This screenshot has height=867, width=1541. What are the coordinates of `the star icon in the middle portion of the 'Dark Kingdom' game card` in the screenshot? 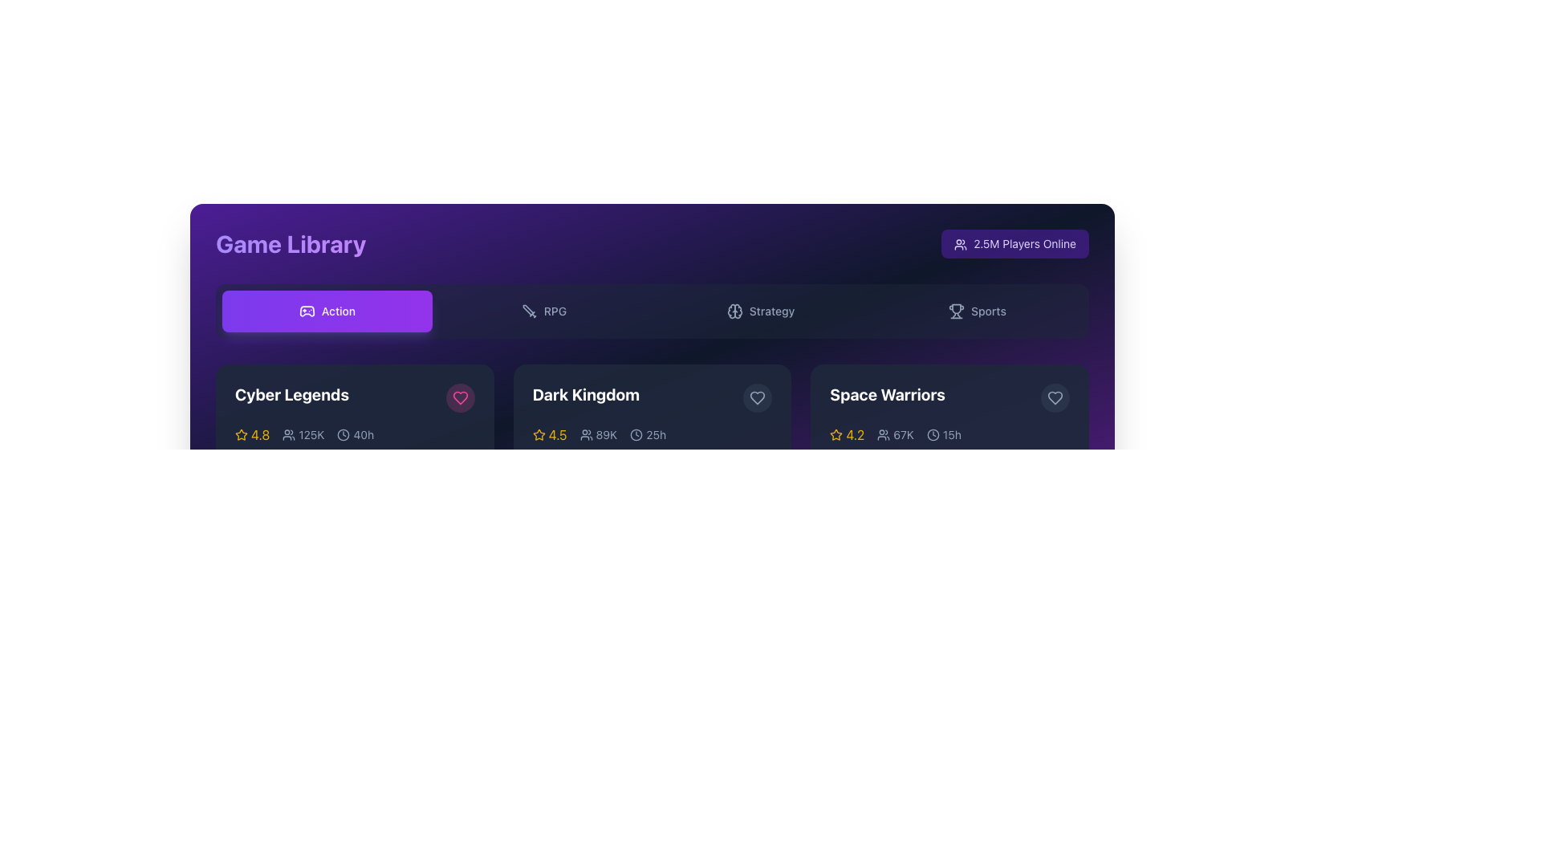 It's located at (539, 434).